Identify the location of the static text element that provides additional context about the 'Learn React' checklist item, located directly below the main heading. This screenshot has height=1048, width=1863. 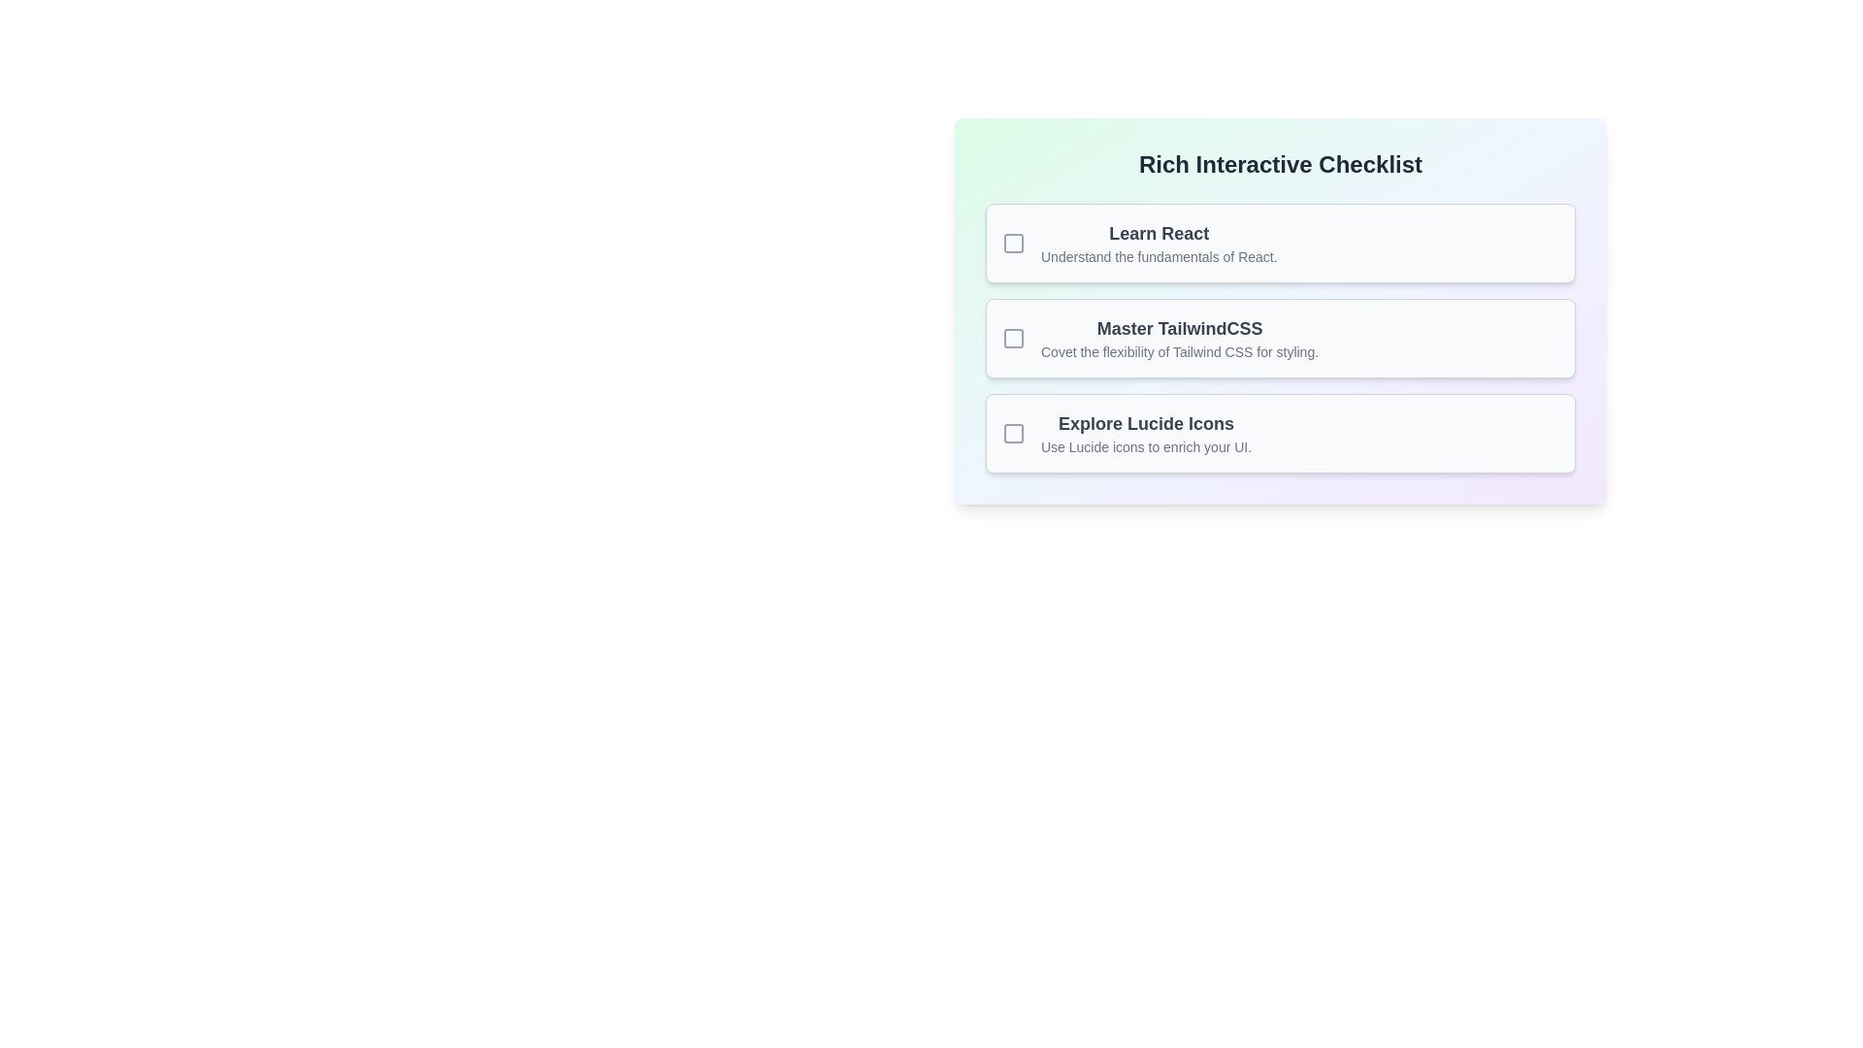
(1159, 256).